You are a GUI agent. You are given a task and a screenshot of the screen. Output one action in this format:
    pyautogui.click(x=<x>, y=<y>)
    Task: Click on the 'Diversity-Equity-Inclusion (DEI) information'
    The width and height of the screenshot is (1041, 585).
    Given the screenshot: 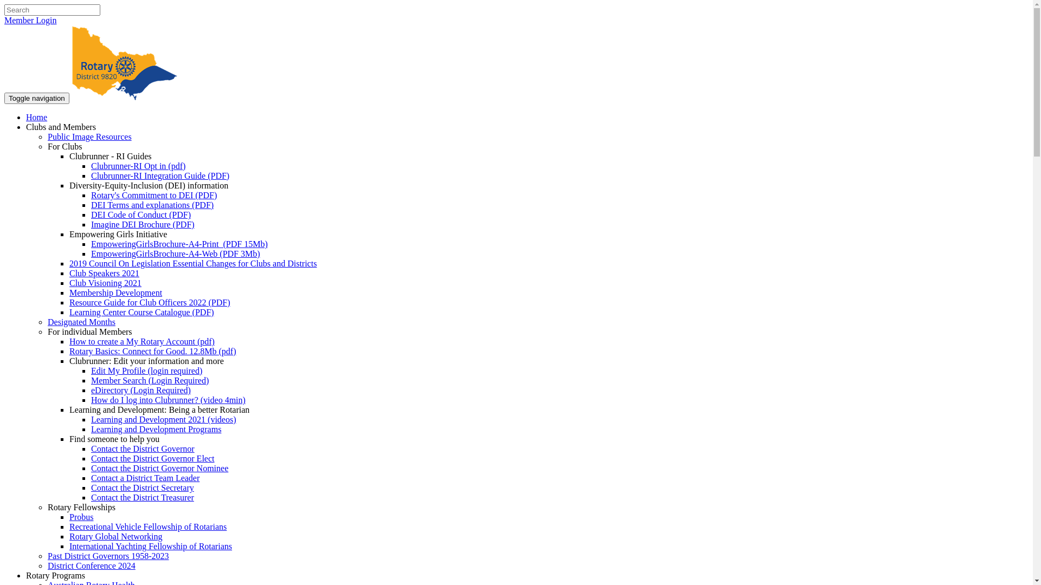 What is the action you would take?
    pyautogui.click(x=148, y=185)
    